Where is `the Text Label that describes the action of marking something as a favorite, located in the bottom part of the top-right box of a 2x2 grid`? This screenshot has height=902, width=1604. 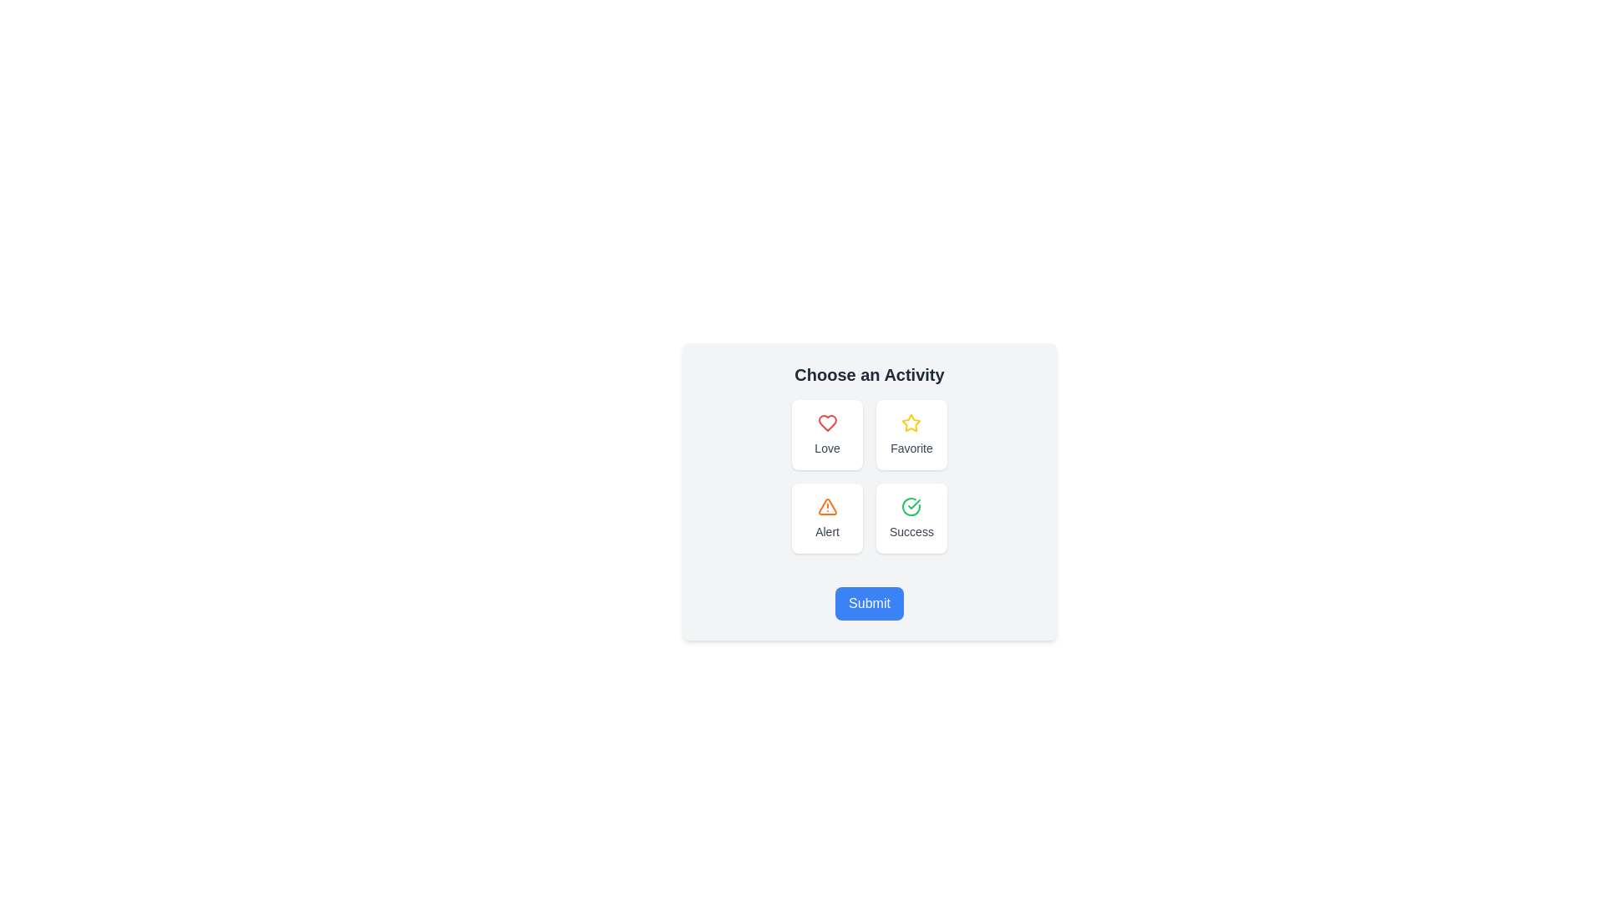 the Text Label that describes the action of marking something as a favorite, located in the bottom part of the top-right box of a 2x2 grid is located at coordinates (911, 447).